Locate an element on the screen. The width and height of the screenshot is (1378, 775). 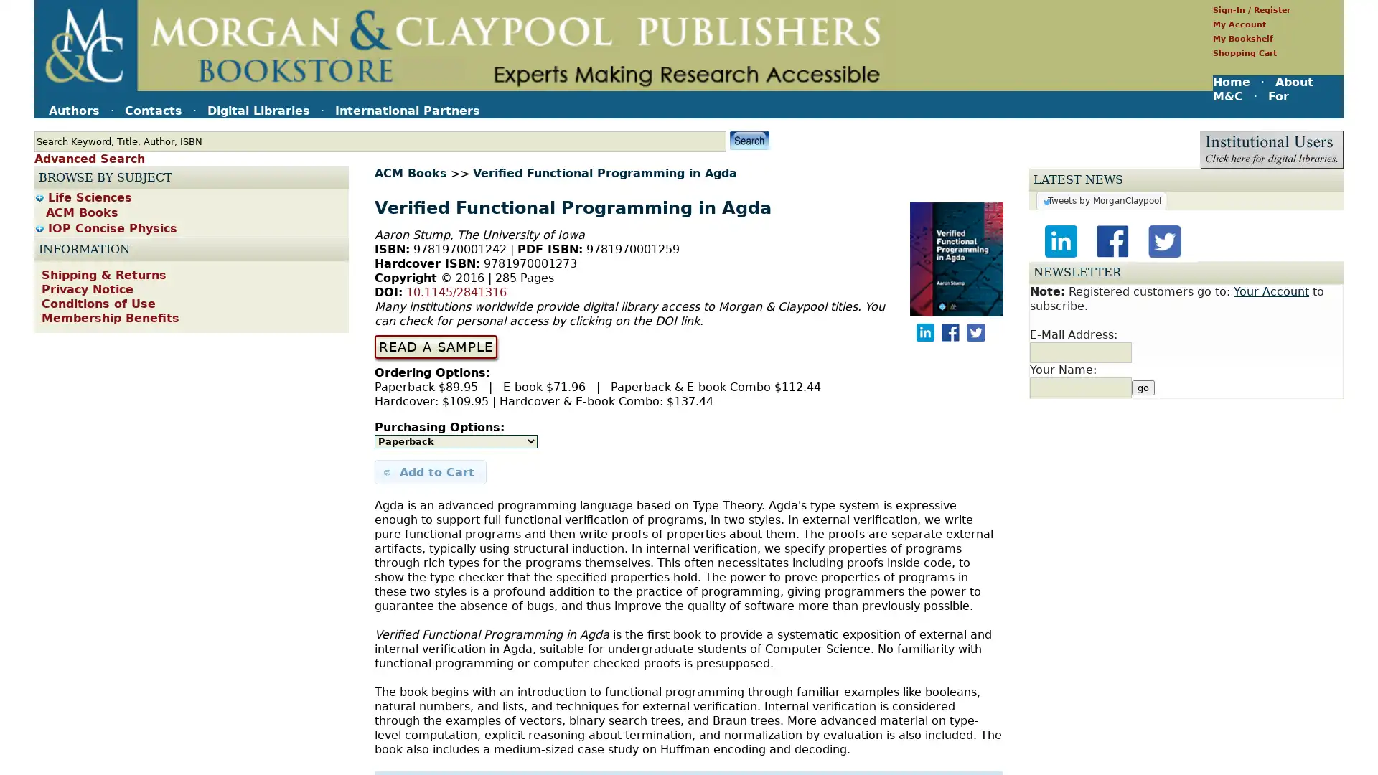
Submit is located at coordinates (748, 140).